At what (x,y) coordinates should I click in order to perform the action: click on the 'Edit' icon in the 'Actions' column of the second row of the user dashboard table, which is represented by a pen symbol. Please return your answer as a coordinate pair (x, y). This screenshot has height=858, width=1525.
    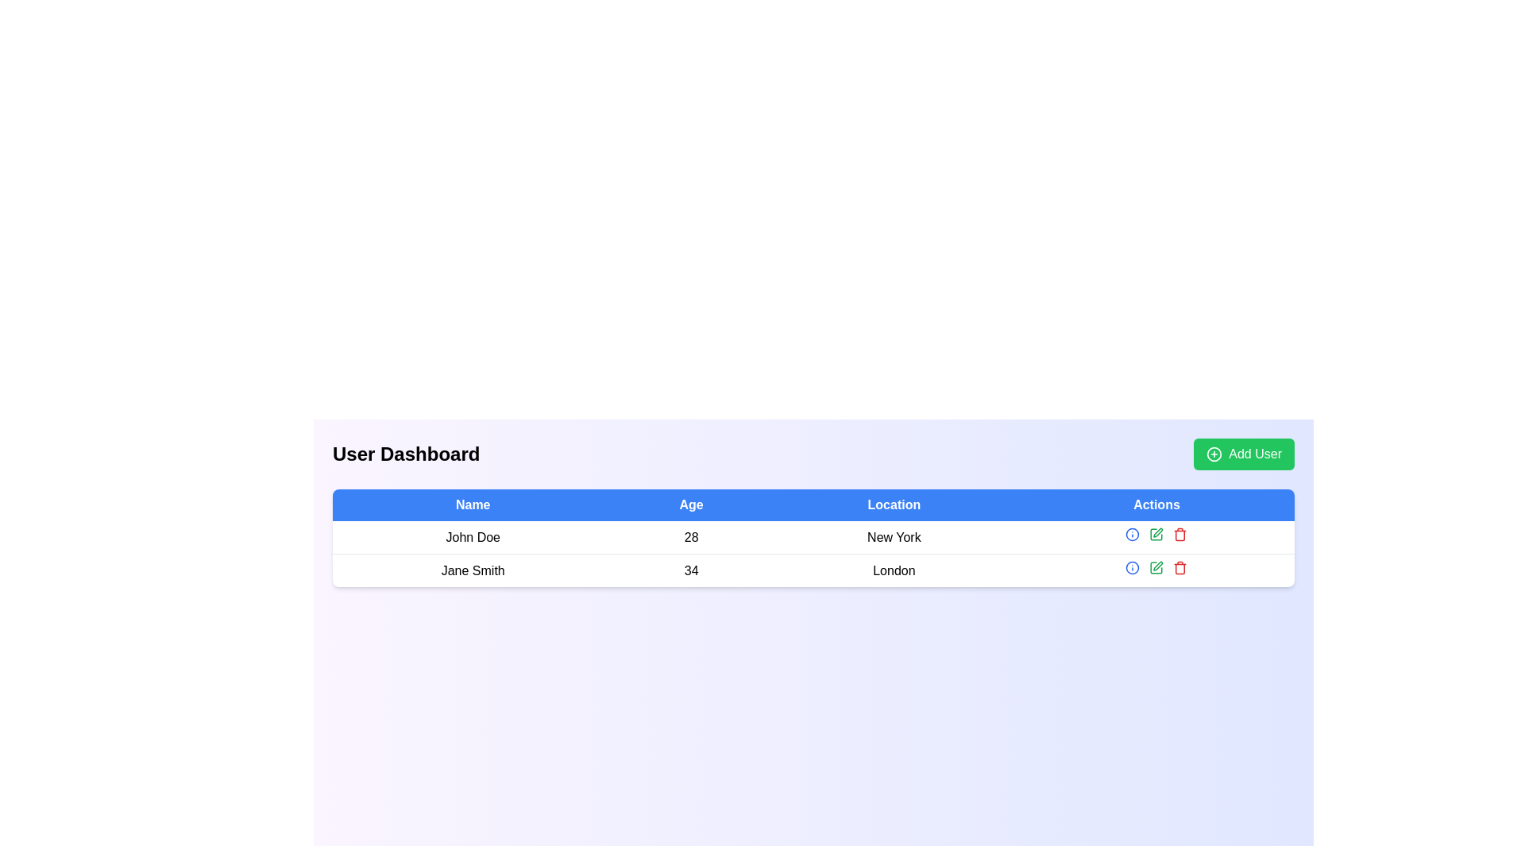
    Looking at the image, I should click on (1156, 566).